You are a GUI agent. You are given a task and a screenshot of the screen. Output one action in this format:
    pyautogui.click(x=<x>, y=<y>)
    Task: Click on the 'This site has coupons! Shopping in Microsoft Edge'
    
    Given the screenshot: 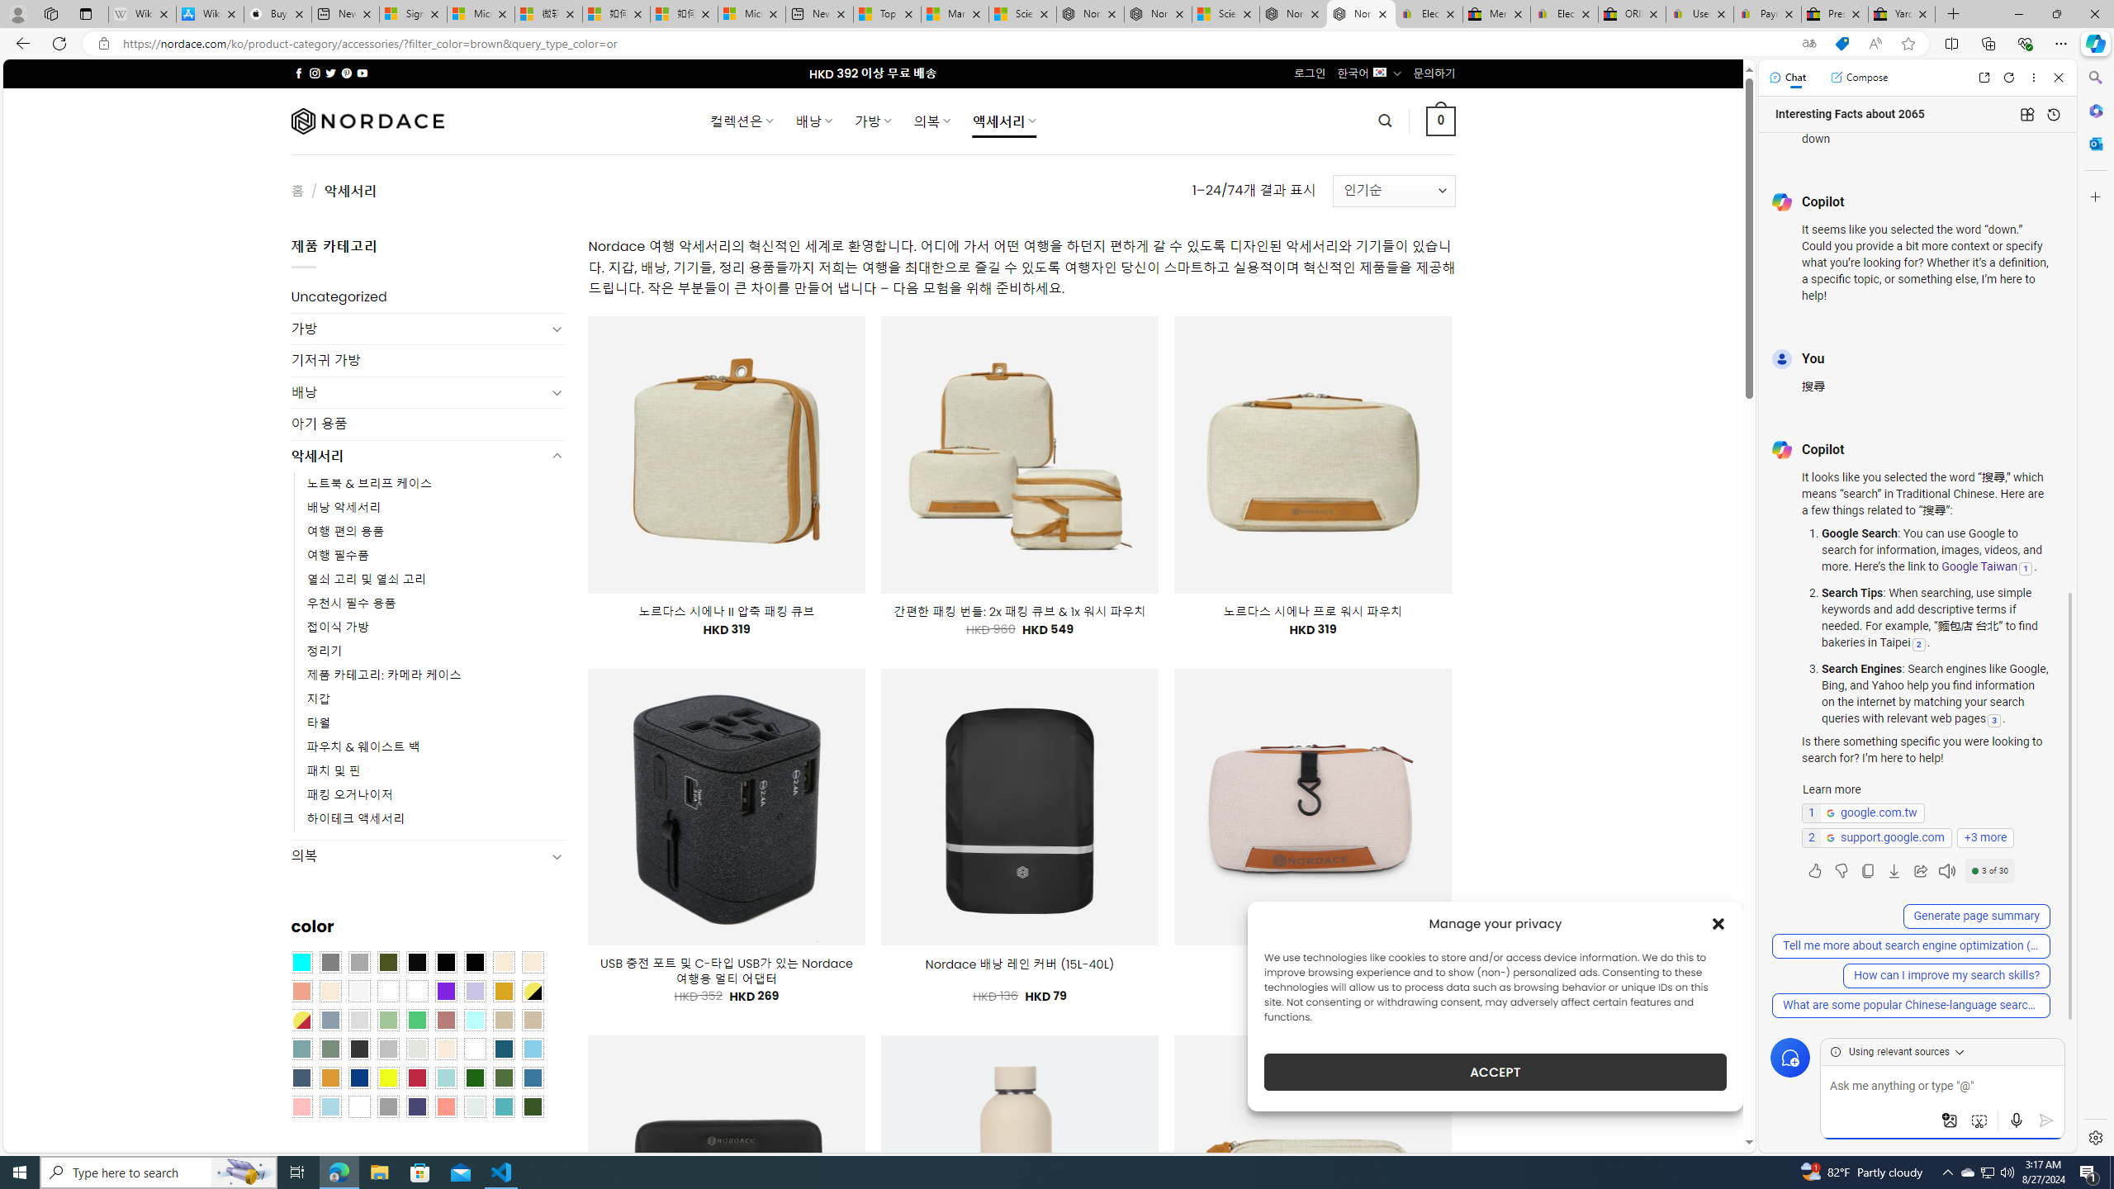 What is the action you would take?
    pyautogui.click(x=1841, y=44)
    